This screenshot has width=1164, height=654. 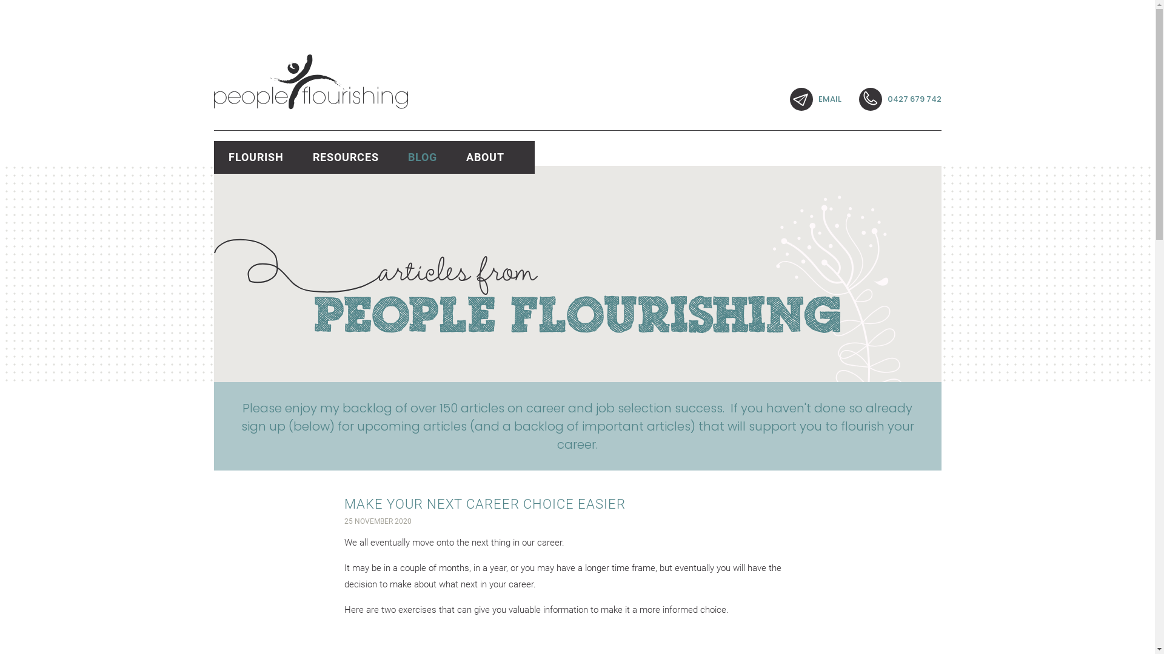 What do you see at coordinates (815, 99) in the screenshot?
I see `'EMAIL'` at bounding box center [815, 99].